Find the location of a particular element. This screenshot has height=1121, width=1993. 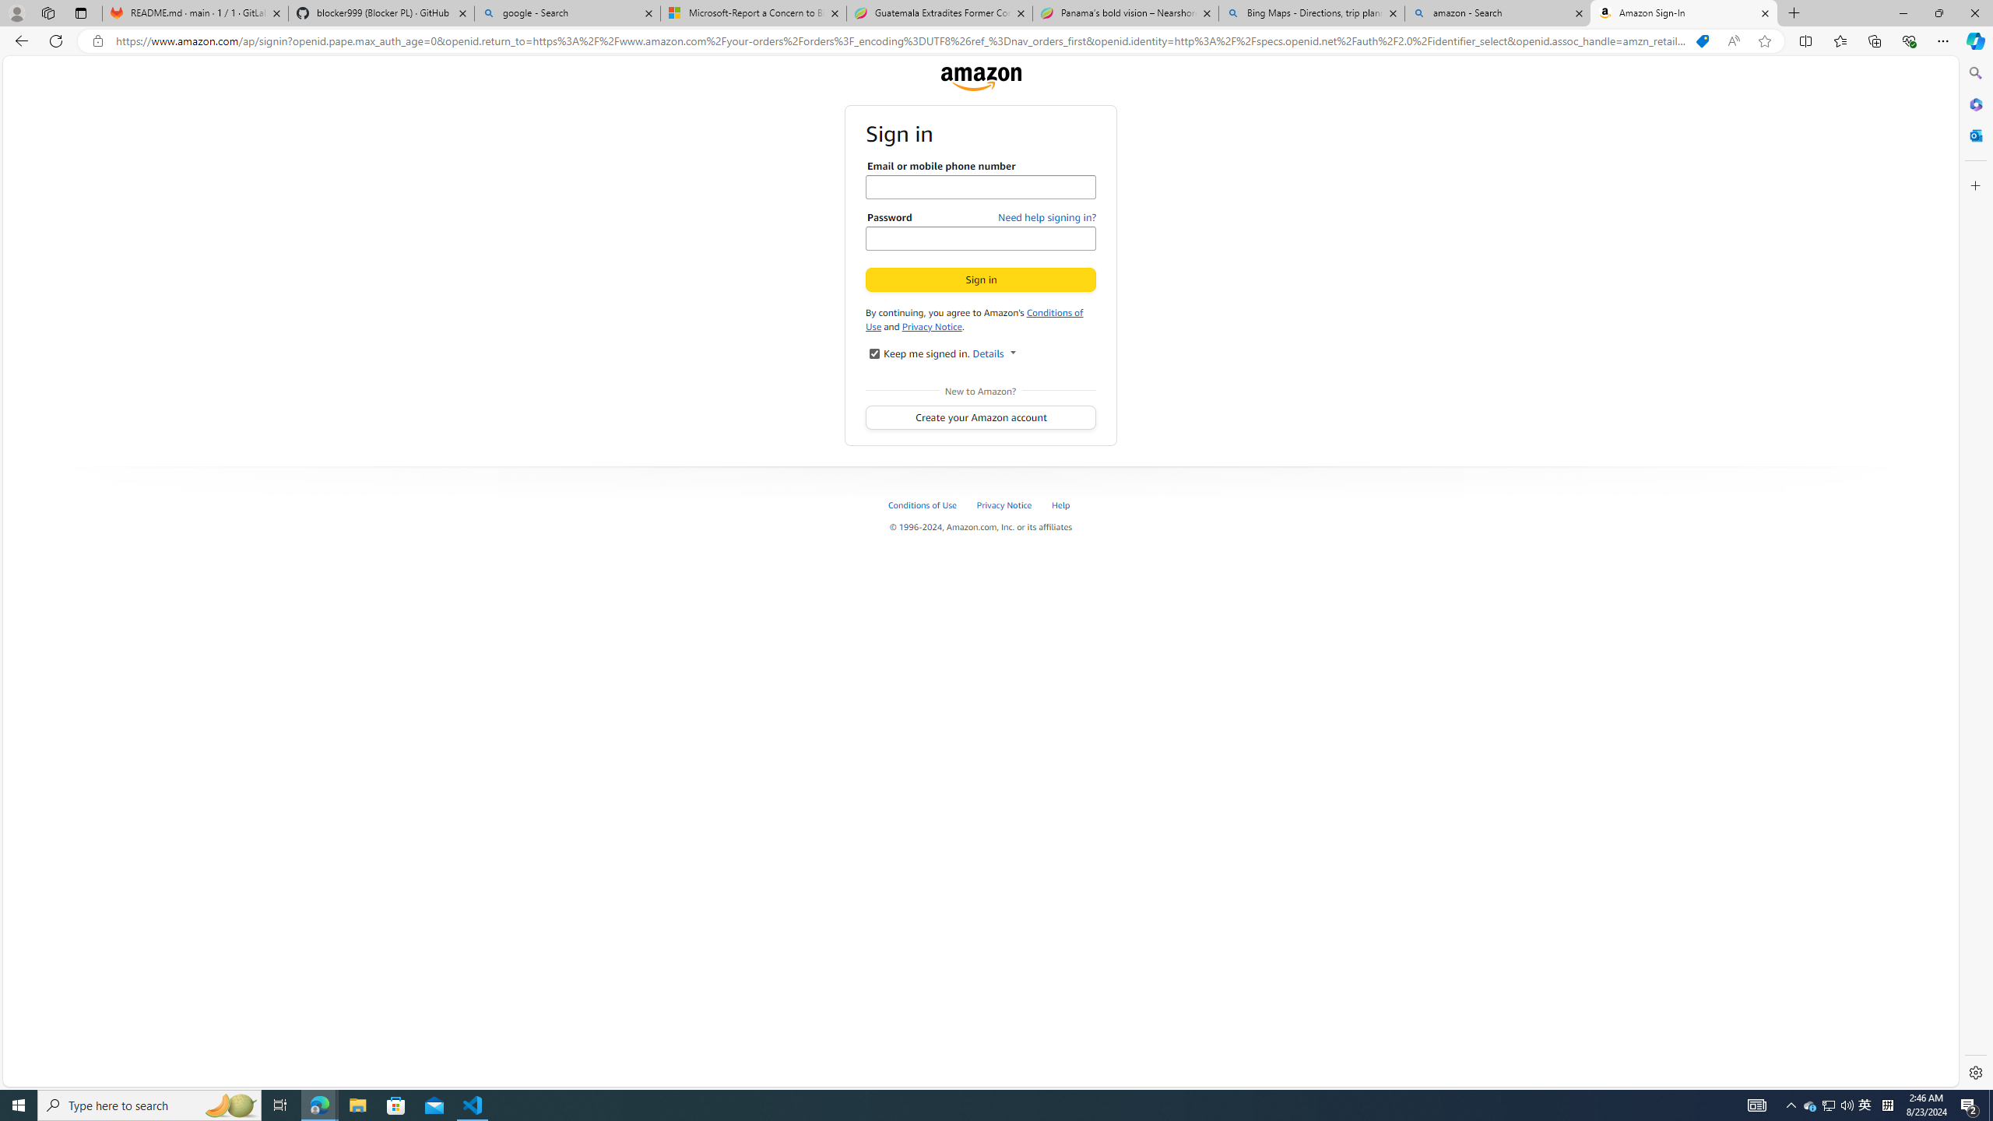

'Keep me signed in. Details' is located at coordinates (873, 352).